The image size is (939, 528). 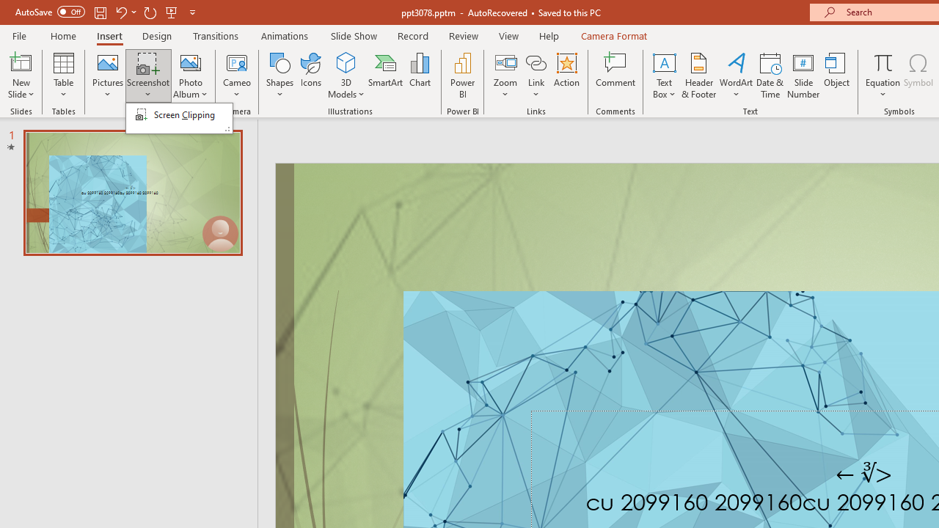 I want to click on 'Object...', so click(x=837, y=76).